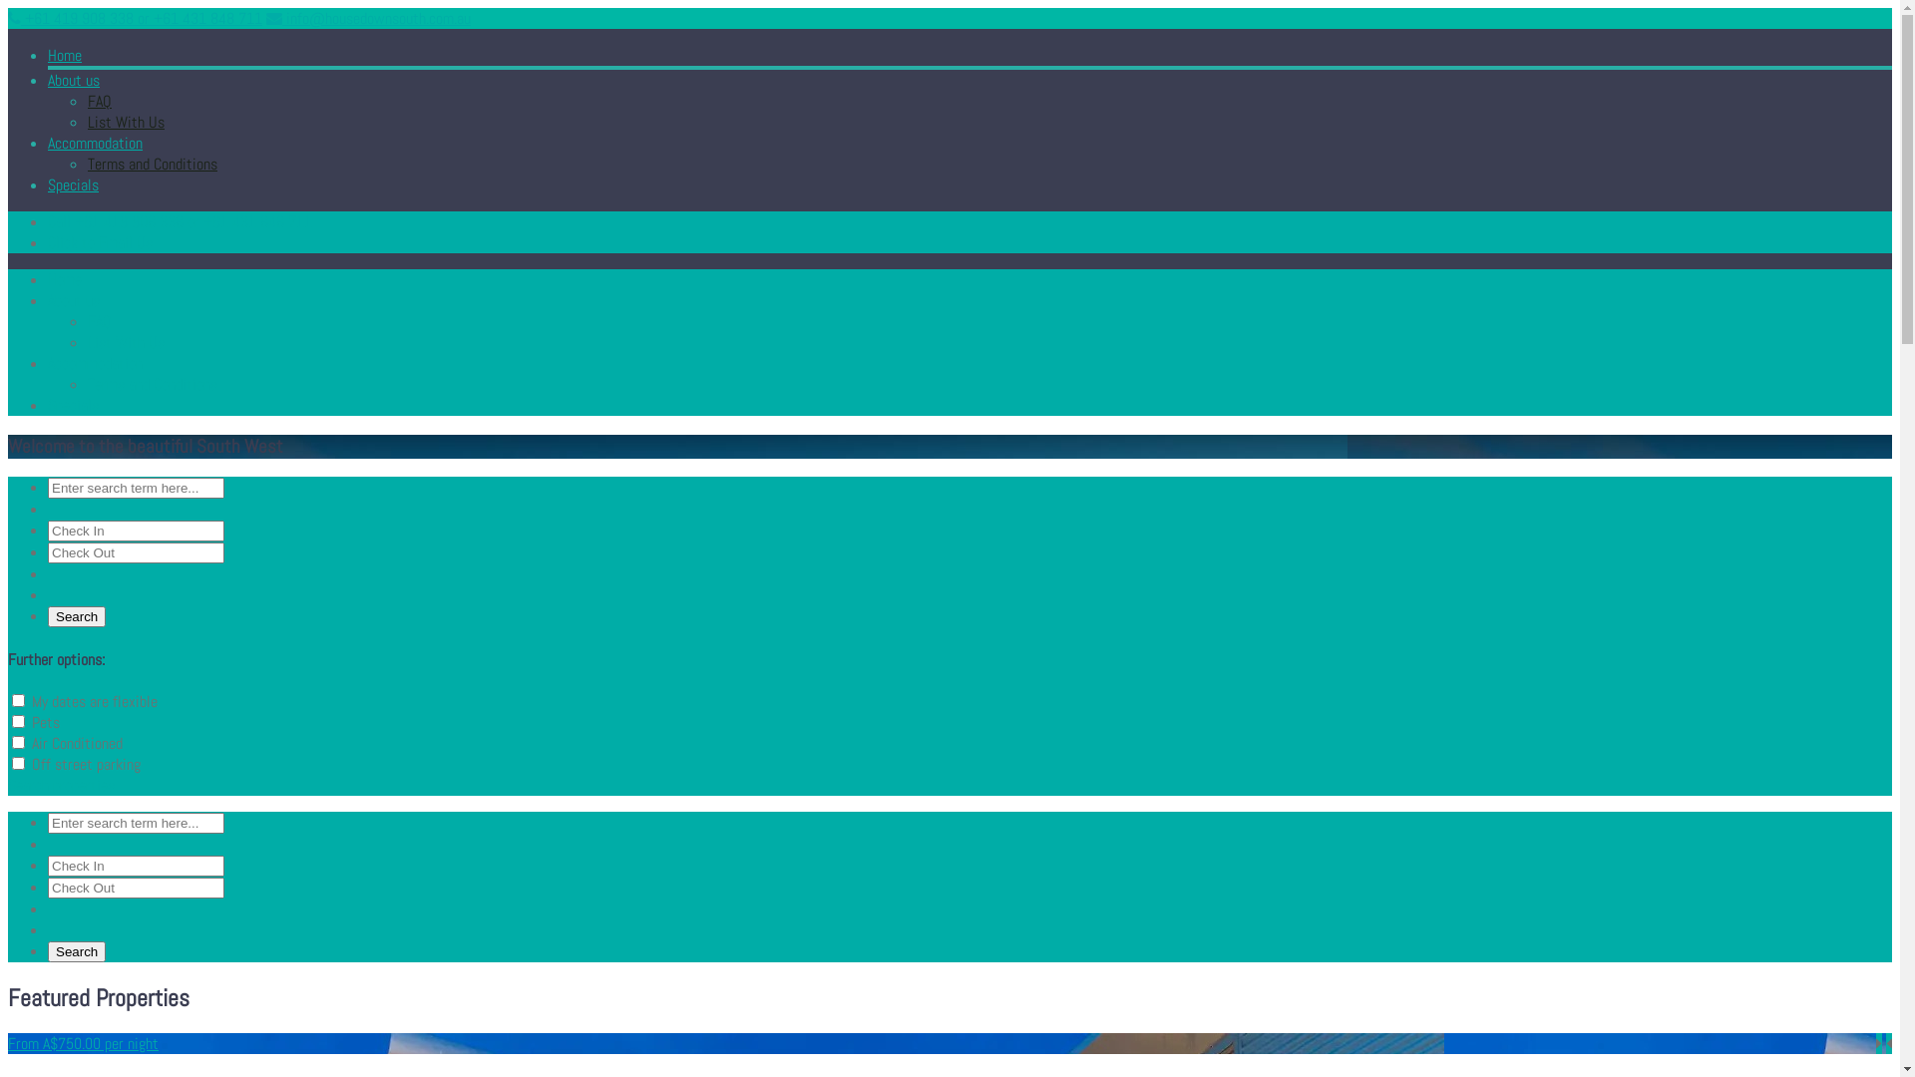 The width and height of the screenshot is (1915, 1077). What do you see at coordinates (368, 18) in the screenshot?
I see `'info@housedownsouth.com.au'` at bounding box center [368, 18].